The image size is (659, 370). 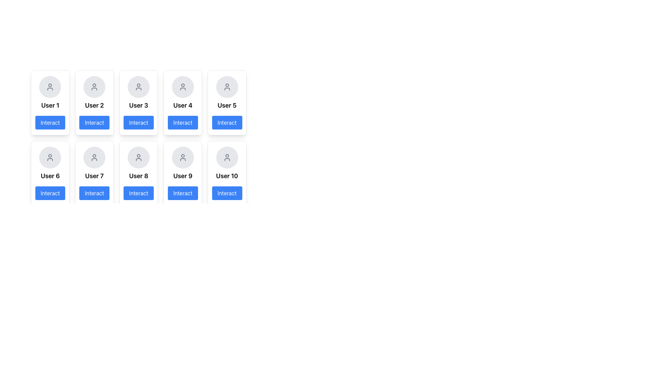 I want to click on the Text Label that identifies the user in the third card of the top row, positioned below the avatar icon and above the 'Interact' button, so click(x=138, y=106).